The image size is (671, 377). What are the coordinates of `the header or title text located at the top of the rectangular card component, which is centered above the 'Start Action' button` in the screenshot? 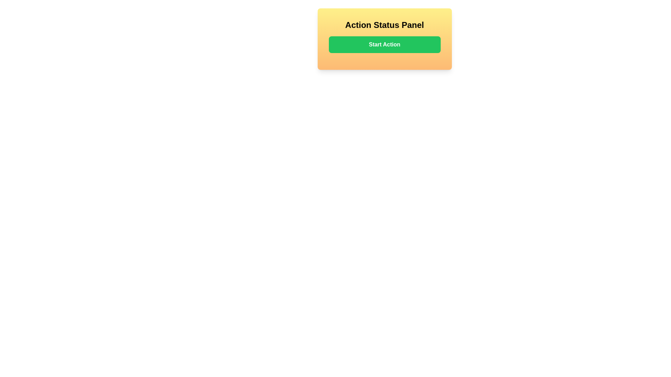 It's located at (384, 25).